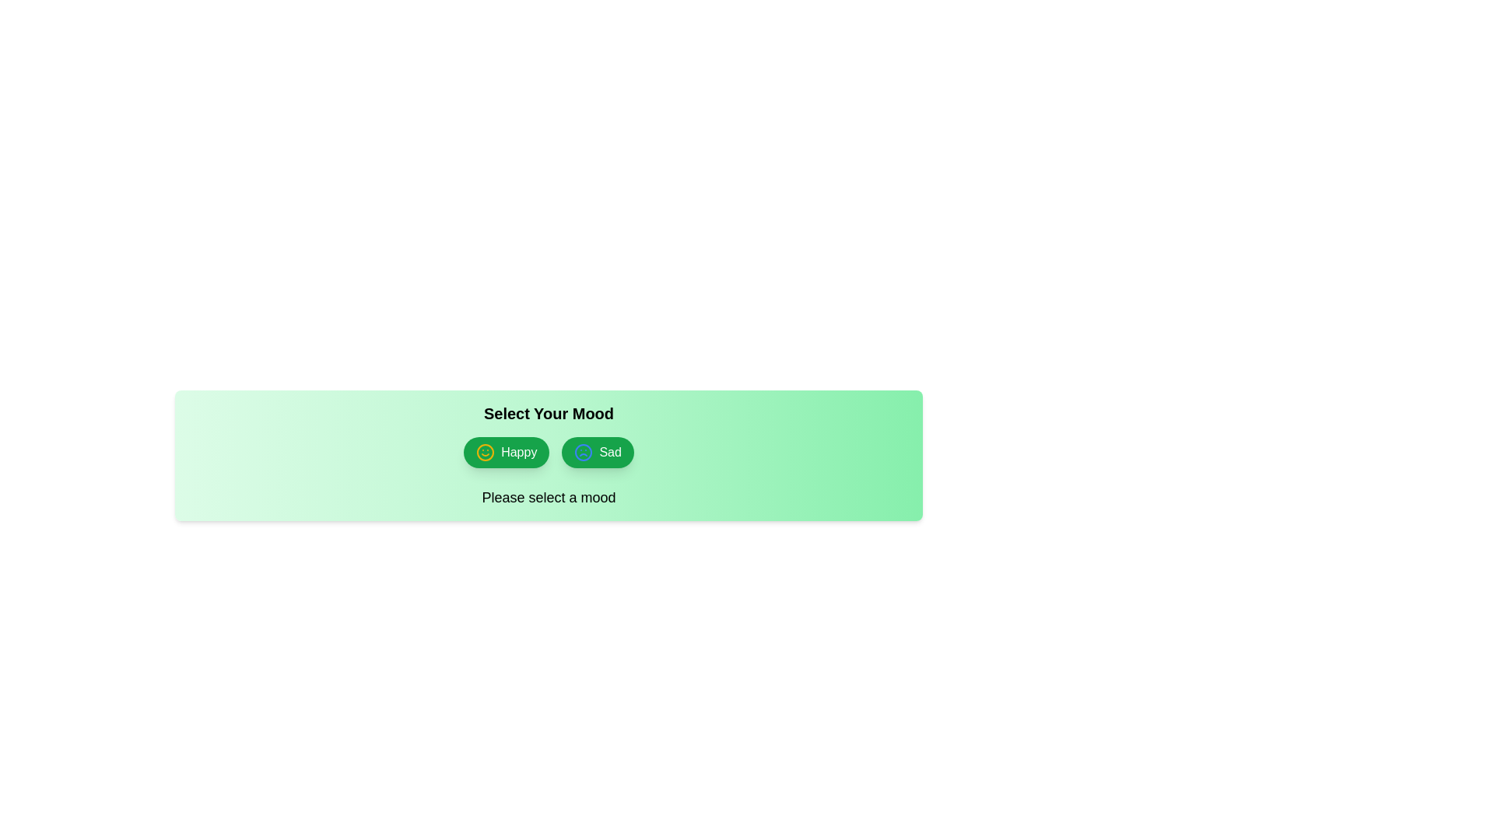 This screenshot has height=840, width=1494. Describe the element at coordinates (597, 453) in the screenshot. I see `the Sad button to observe the hover effect` at that location.